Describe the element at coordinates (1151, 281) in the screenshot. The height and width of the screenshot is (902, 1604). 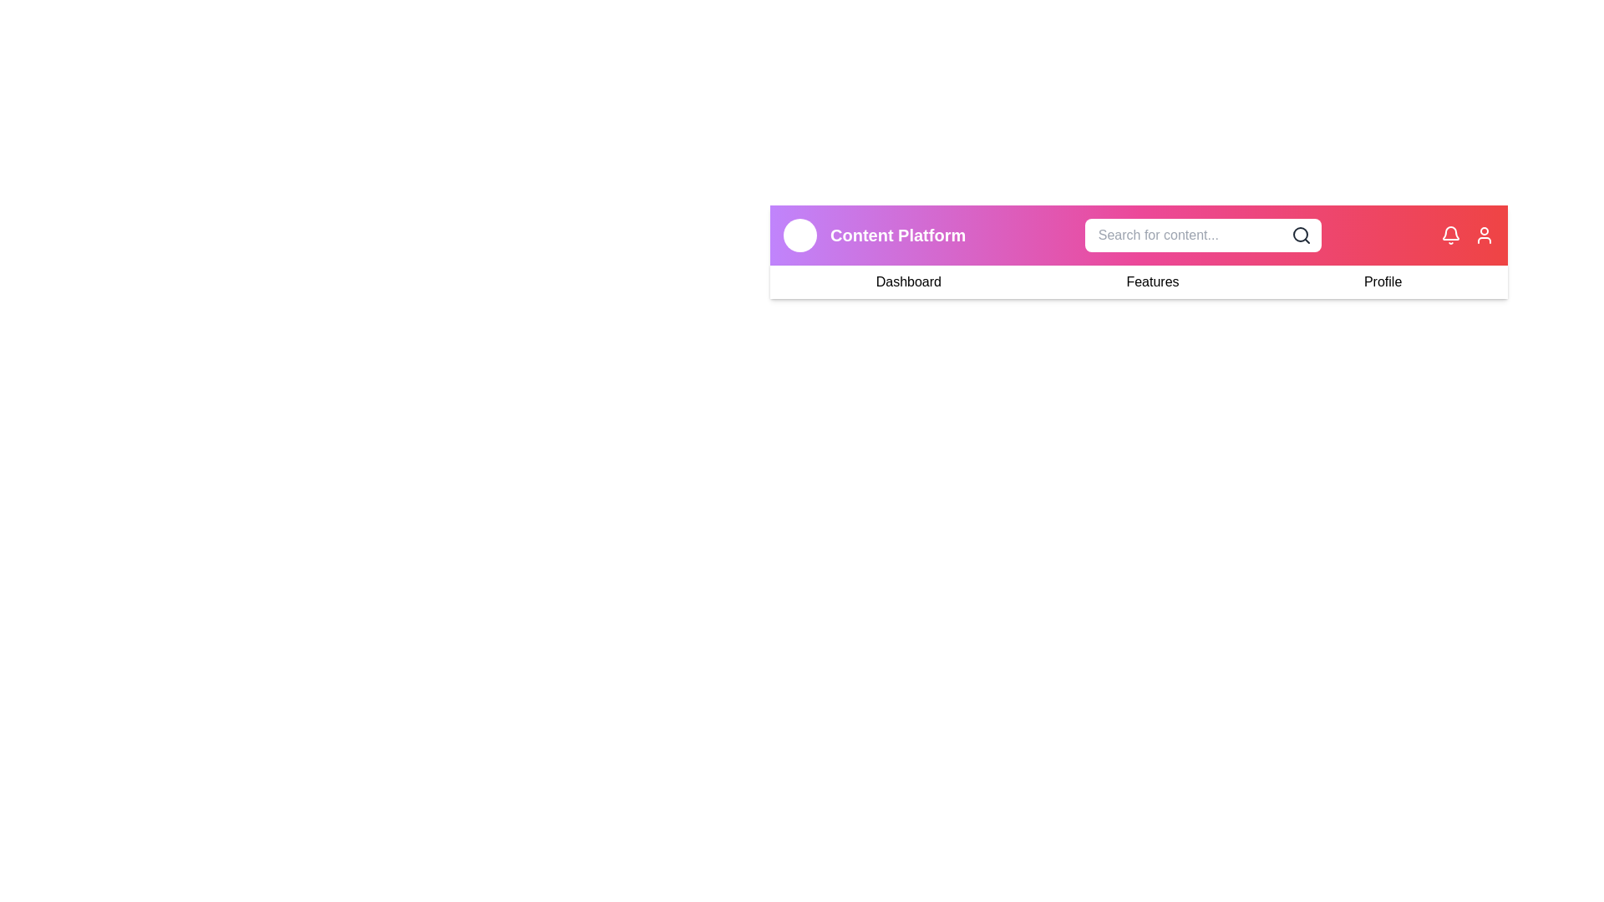
I see `the Features navigation link` at that location.